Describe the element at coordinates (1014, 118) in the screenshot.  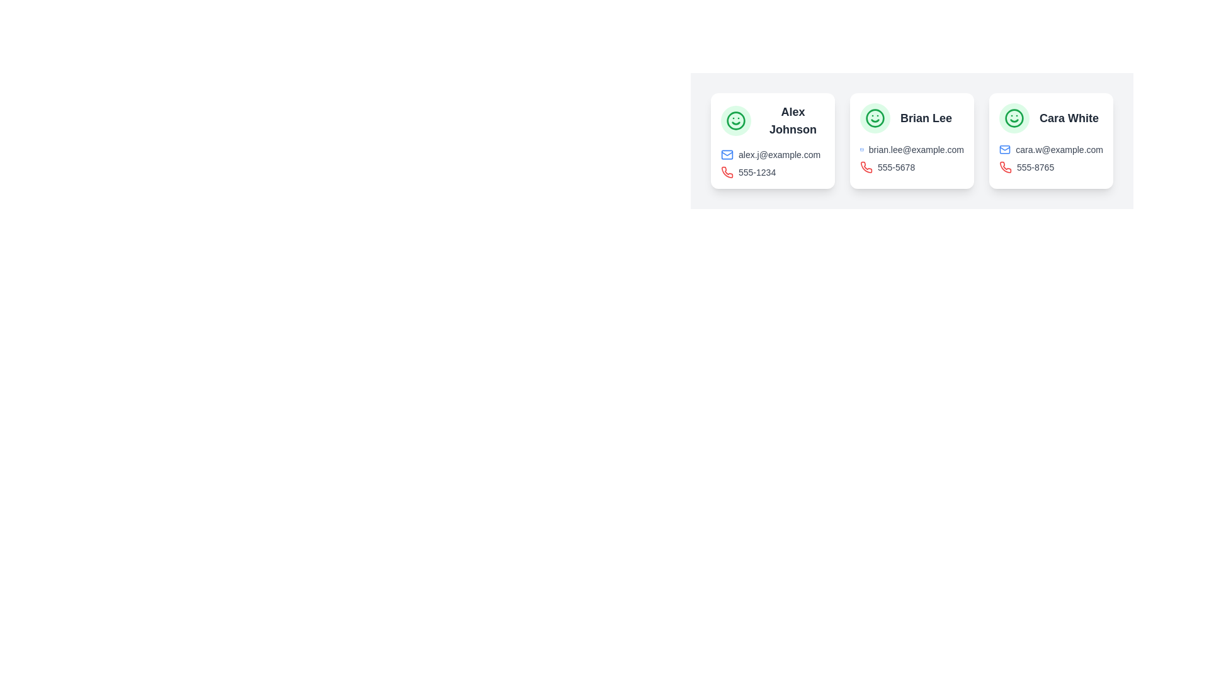
I see `the green circular icon with a smiling face located in the top-left corner of the 'Cara White' card, positioned to the left of the person's name` at that location.